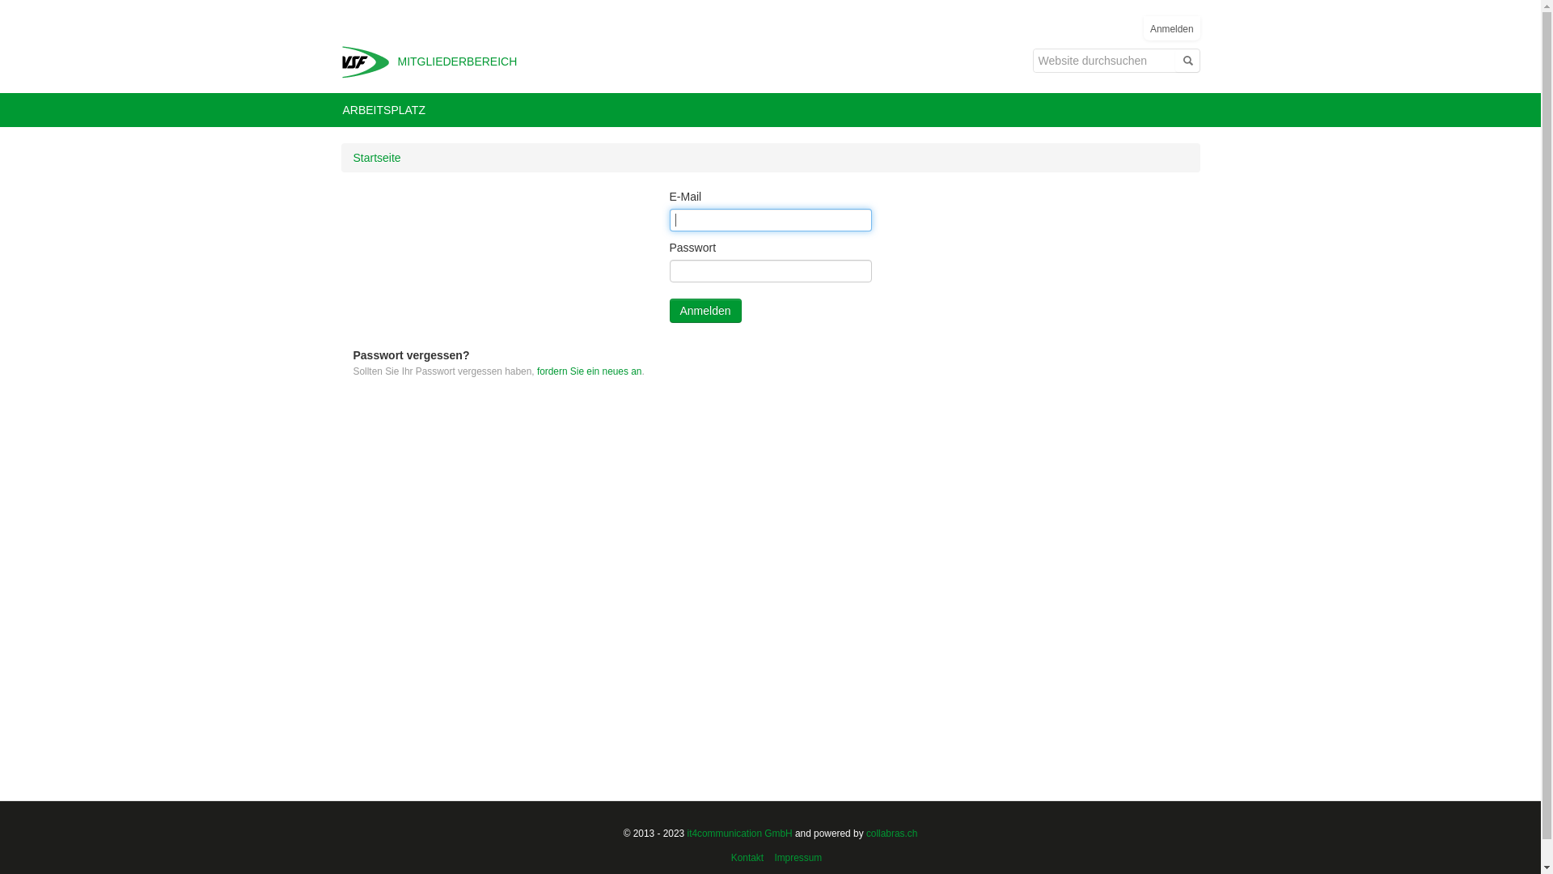 The height and width of the screenshot is (874, 1553). What do you see at coordinates (1102, 59) in the screenshot?
I see `'Website durchsuchen'` at bounding box center [1102, 59].